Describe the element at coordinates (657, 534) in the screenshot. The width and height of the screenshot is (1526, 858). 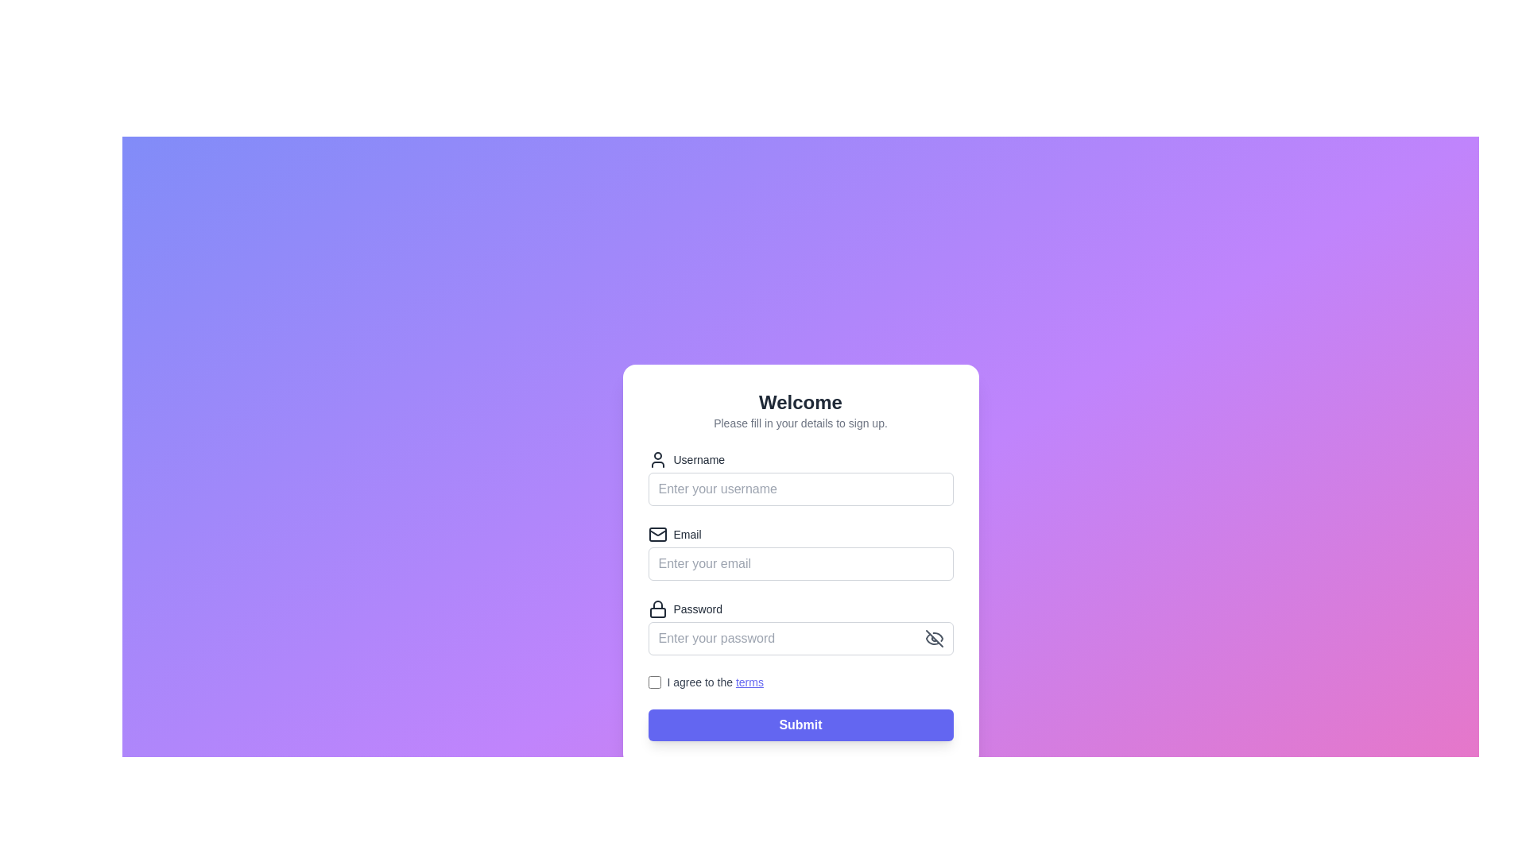
I see `the decorative SVG mail icon, which is a rectangular shape with rounded corners, located adjacent to the 'Email' label on the form` at that location.